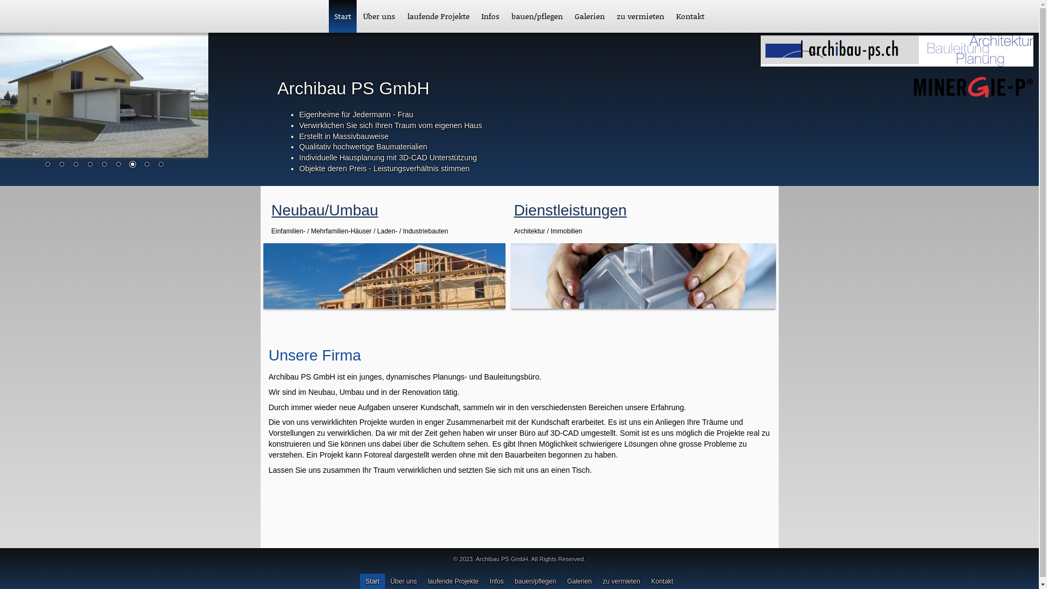 The image size is (1047, 589). Describe the element at coordinates (41, 165) in the screenshot. I see `'1'` at that location.